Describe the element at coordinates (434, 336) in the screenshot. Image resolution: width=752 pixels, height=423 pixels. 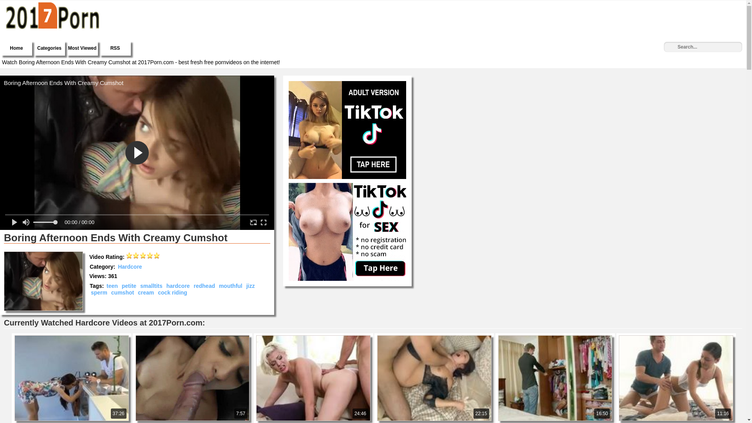
I see `'22:15` at that location.